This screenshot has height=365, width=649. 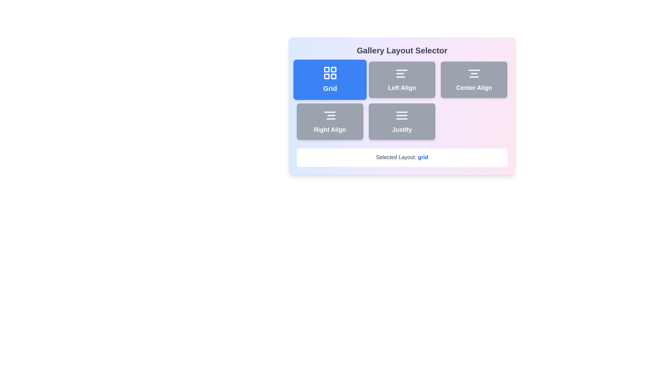 I want to click on the 'Left Align' layout option icon in the Gallery Layout Selector, so click(x=402, y=74).